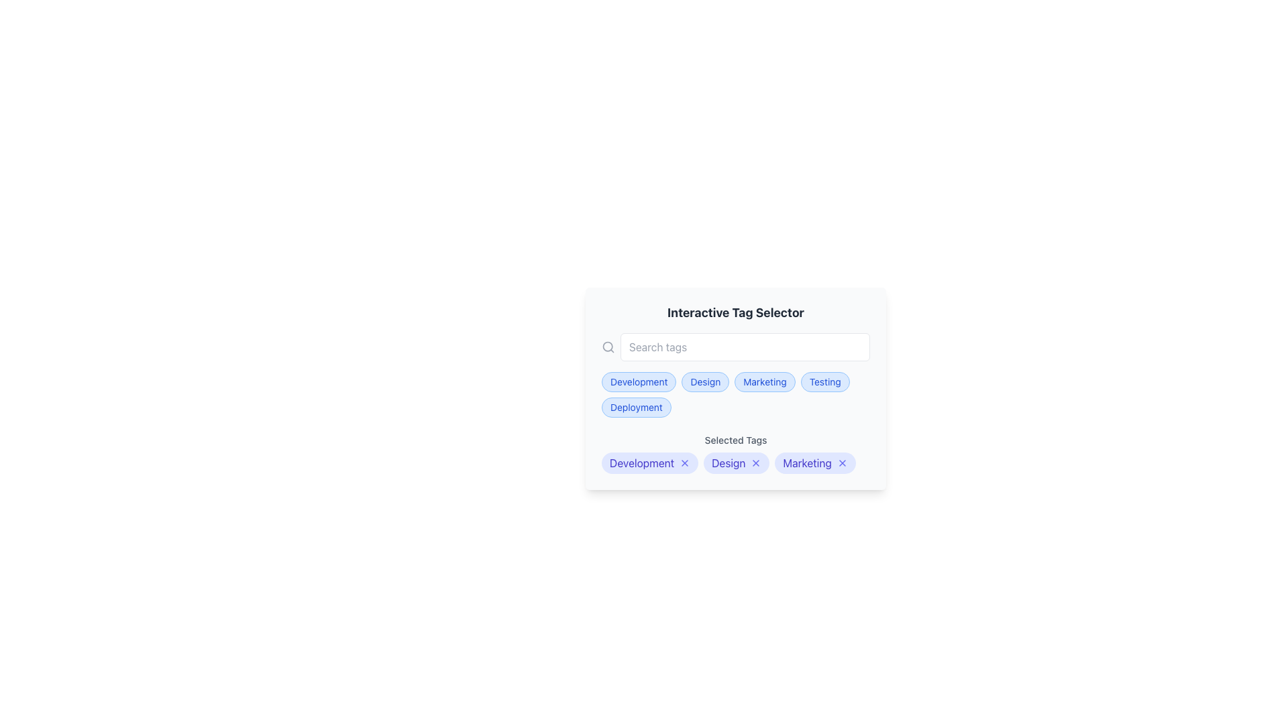  What do you see at coordinates (736, 462) in the screenshot?
I see `the 'Design' tag element, which is the second tag in the 'Selected Tags' section` at bounding box center [736, 462].